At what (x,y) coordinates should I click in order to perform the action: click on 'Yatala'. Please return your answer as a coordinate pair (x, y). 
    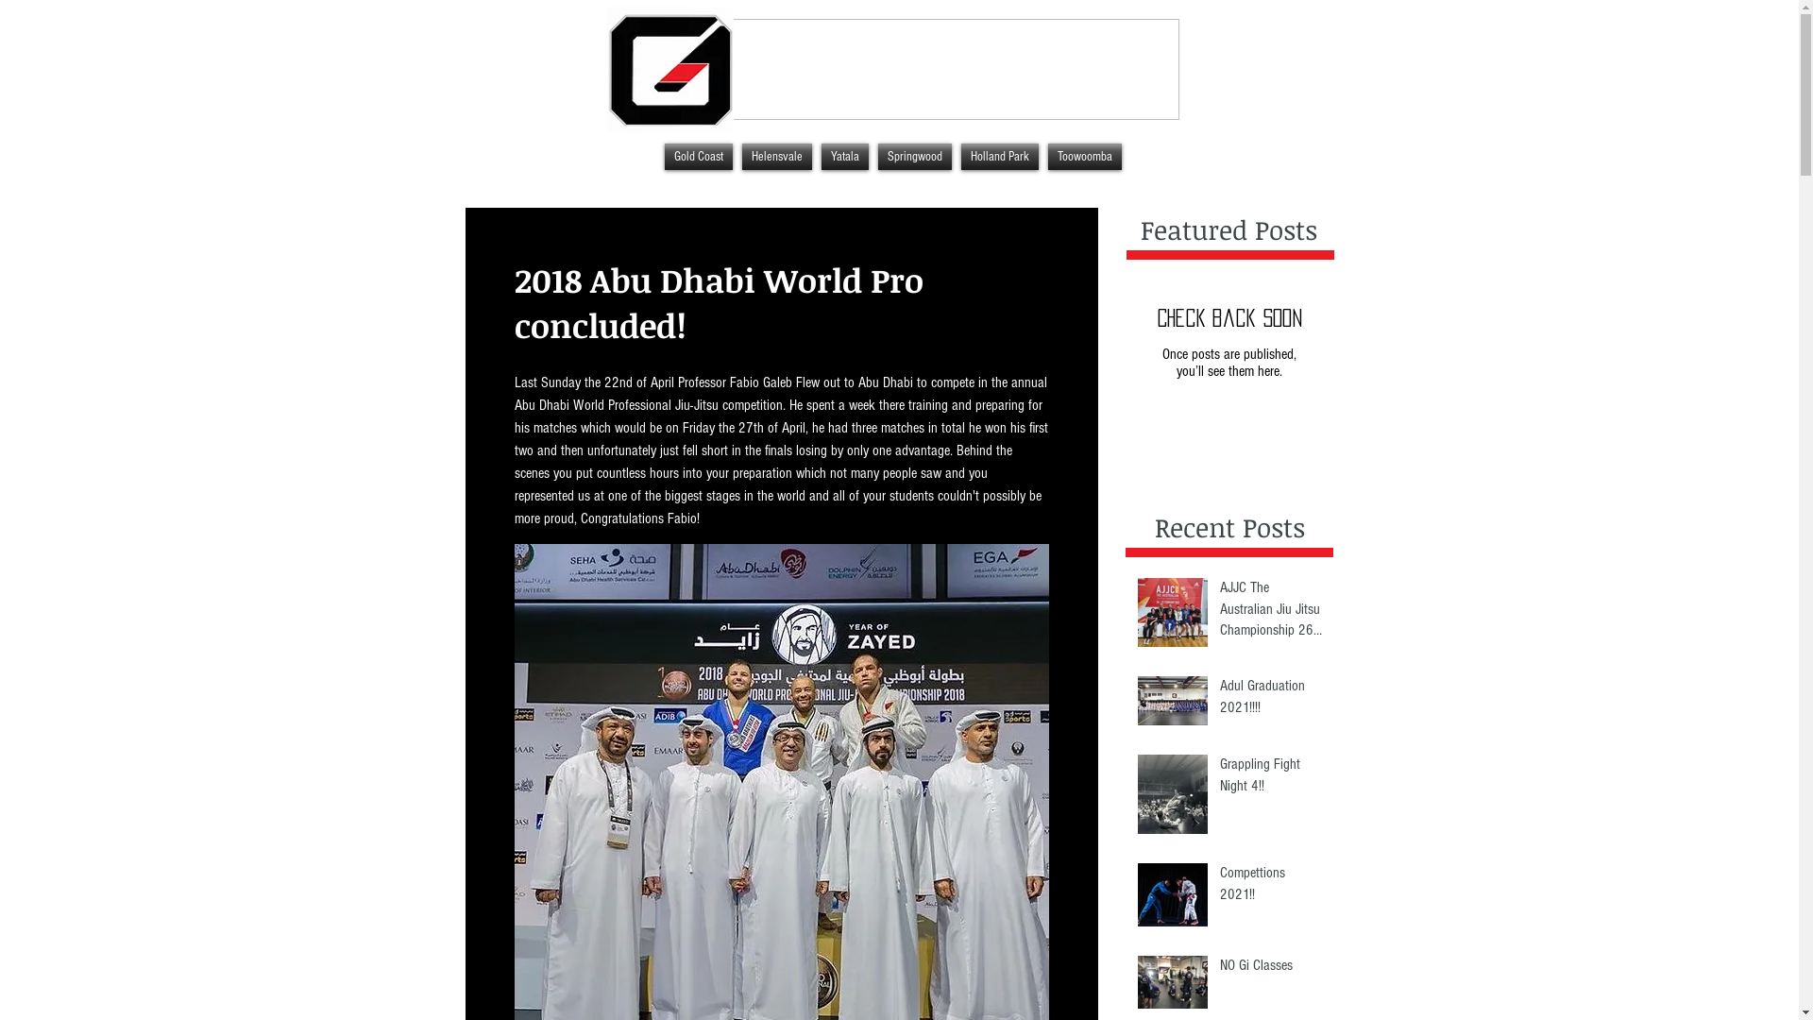
    Looking at the image, I should click on (816, 155).